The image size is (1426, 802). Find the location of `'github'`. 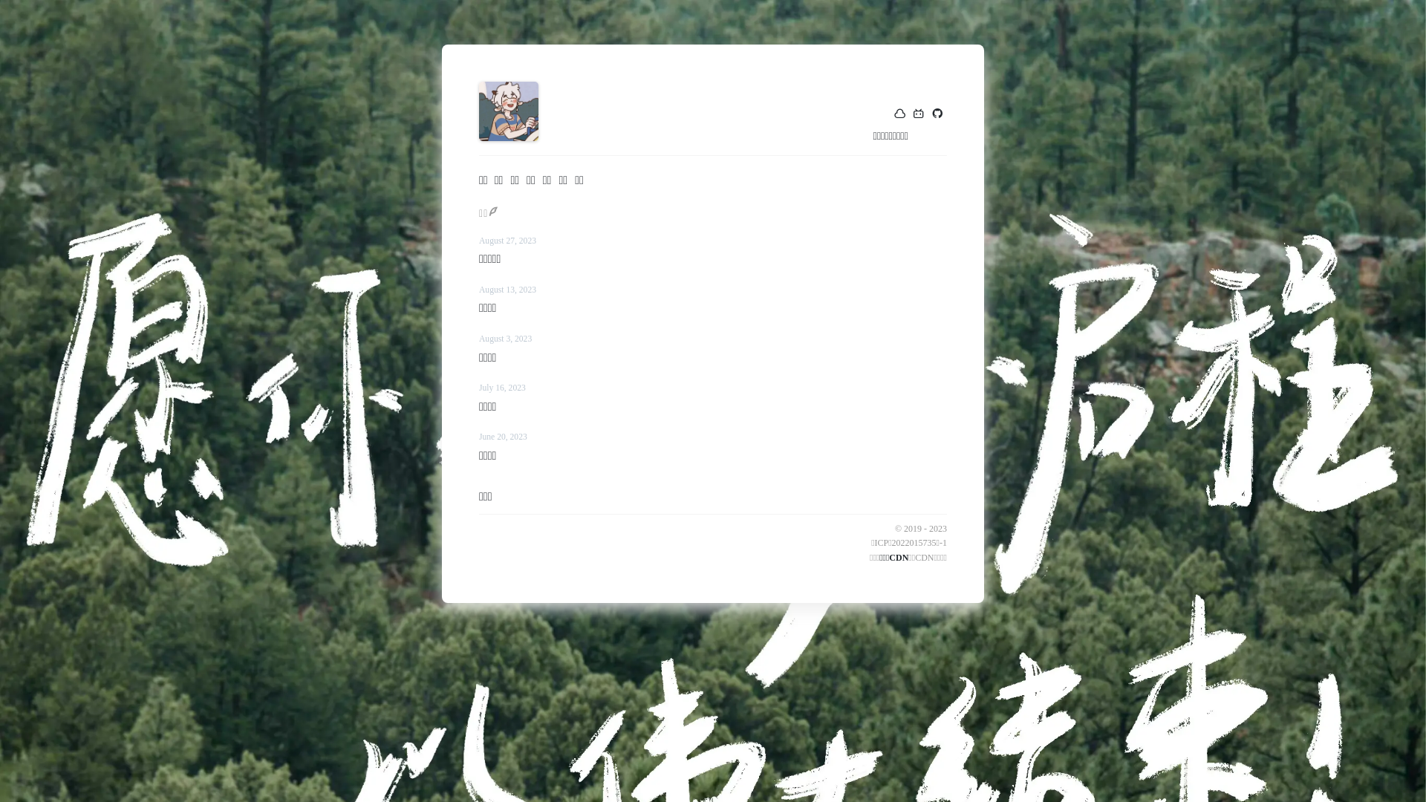

'github' is located at coordinates (937, 114).